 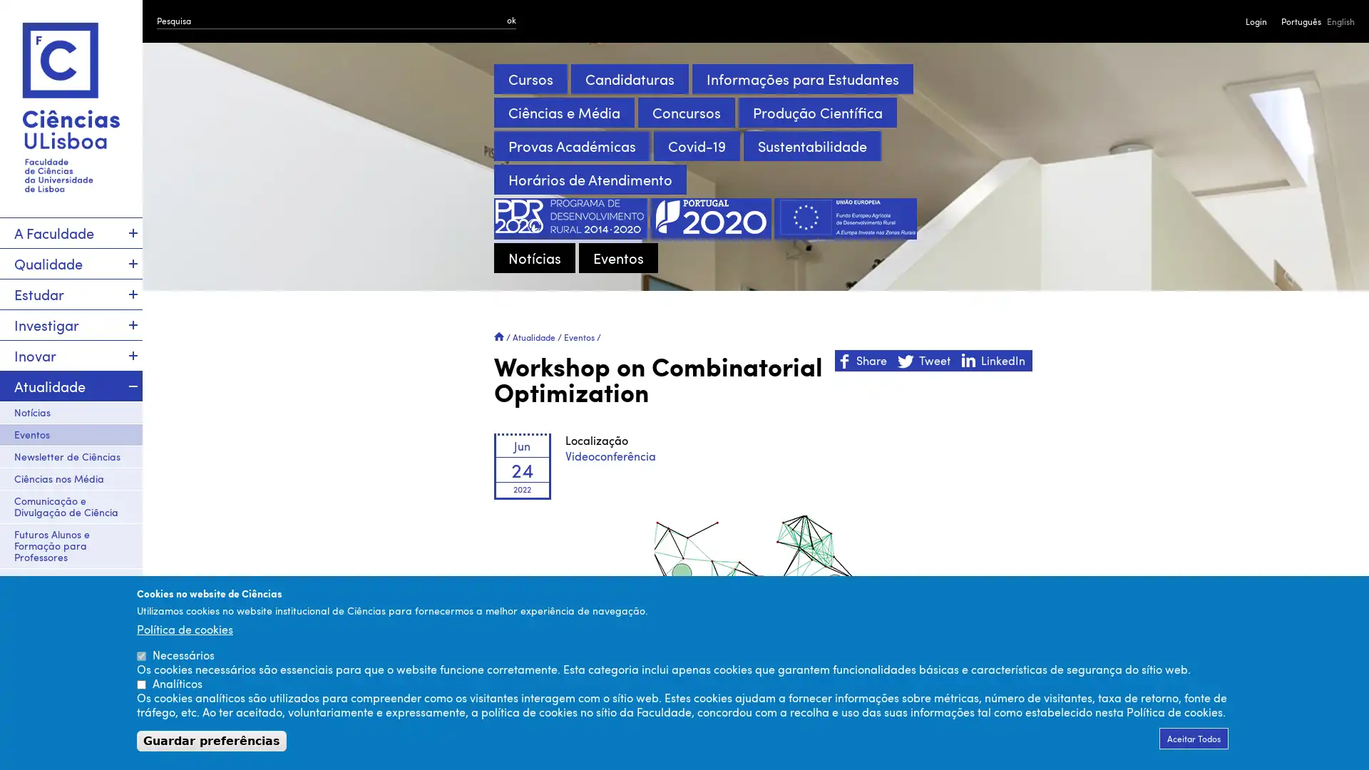 I want to click on Guardar preferencias, so click(x=211, y=740).